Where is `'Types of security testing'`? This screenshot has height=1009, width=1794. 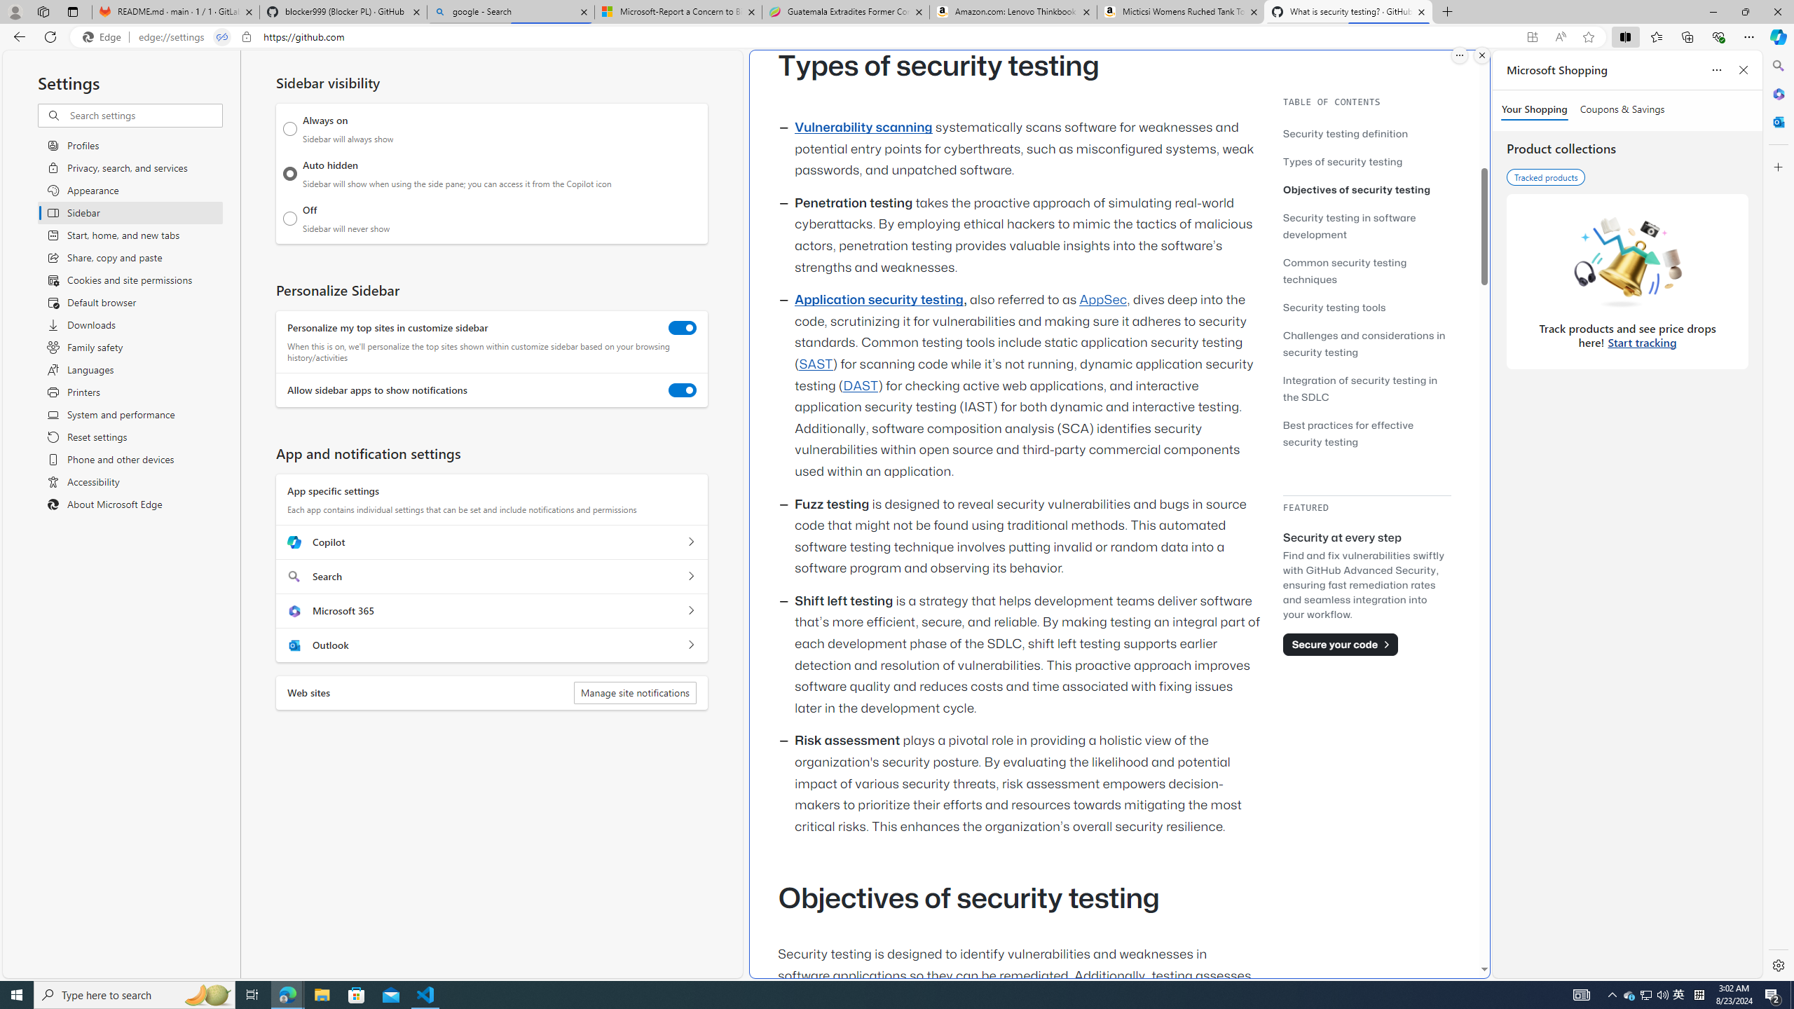
'Types of security testing' is located at coordinates (1366, 160).